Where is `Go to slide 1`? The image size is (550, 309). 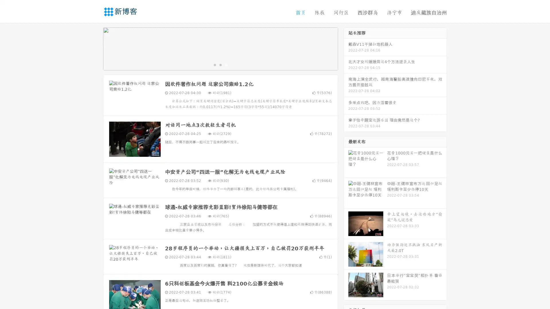
Go to slide 1 is located at coordinates (214, 64).